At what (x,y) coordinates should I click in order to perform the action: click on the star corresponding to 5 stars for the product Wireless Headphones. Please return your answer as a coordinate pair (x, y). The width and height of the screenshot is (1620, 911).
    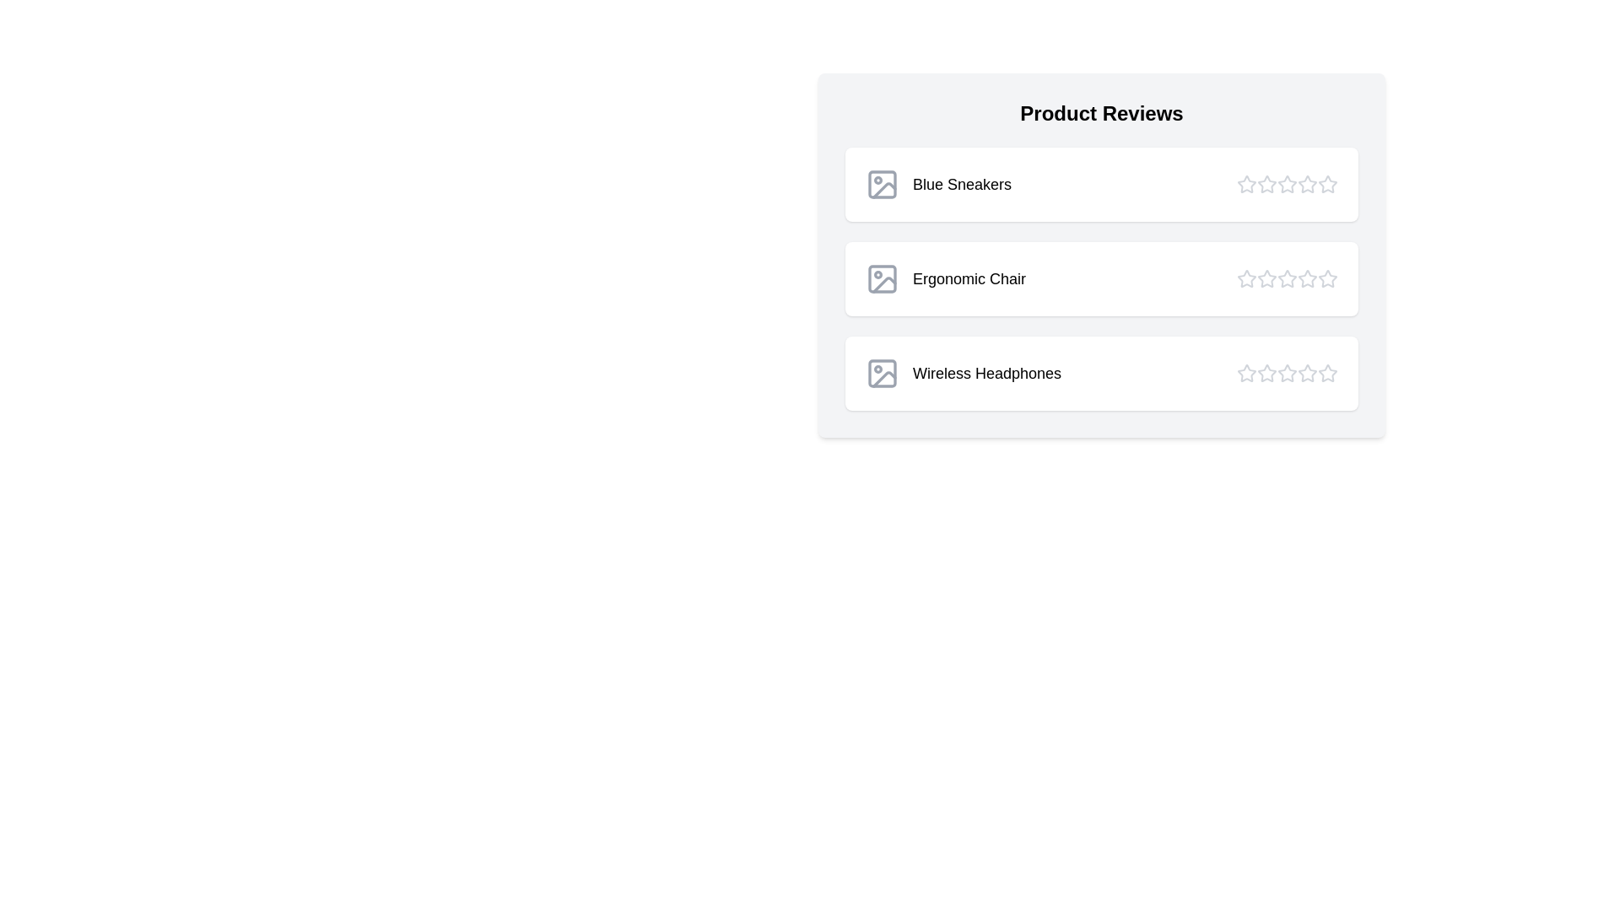
    Looking at the image, I should click on (1327, 373).